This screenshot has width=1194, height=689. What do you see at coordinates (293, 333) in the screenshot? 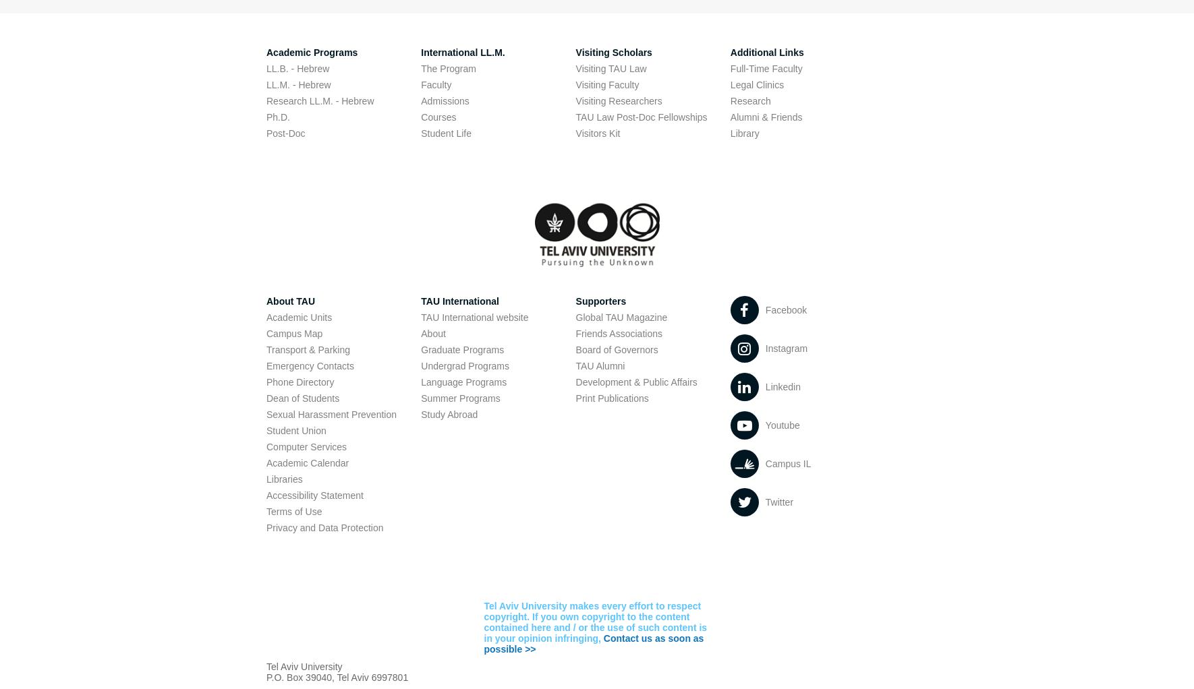
I see `'Campus Map'` at bounding box center [293, 333].